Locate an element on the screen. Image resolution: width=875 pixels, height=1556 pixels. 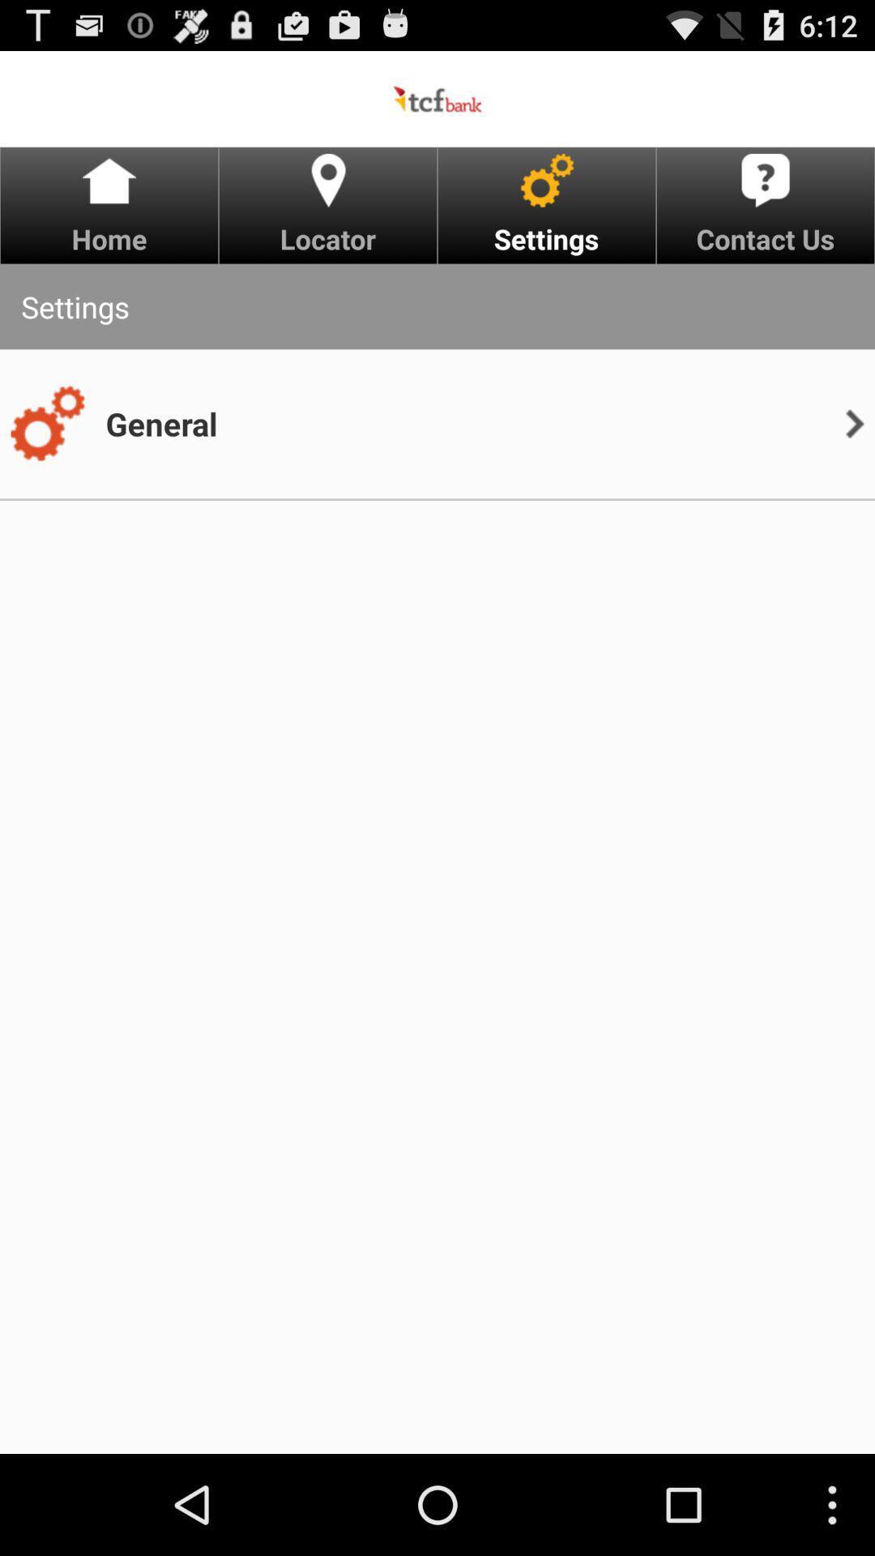
app below the settings is located at coordinates (46, 424).